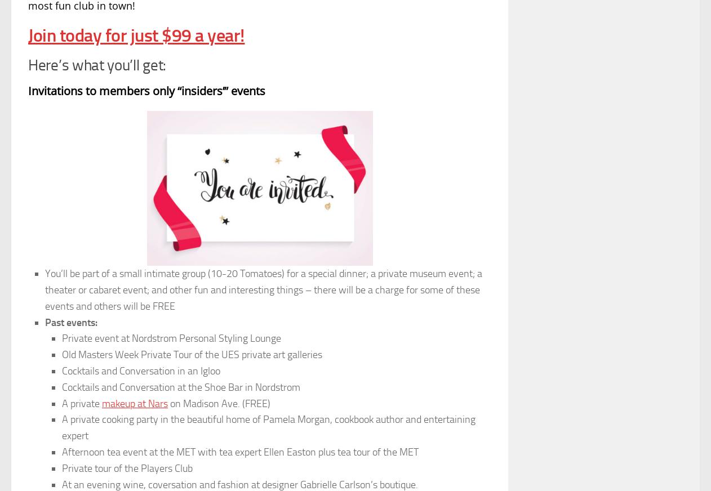 Image resolution: width=711 pixels, height=491 pixels. I want to click on 'Past events:', so click(70, 322).